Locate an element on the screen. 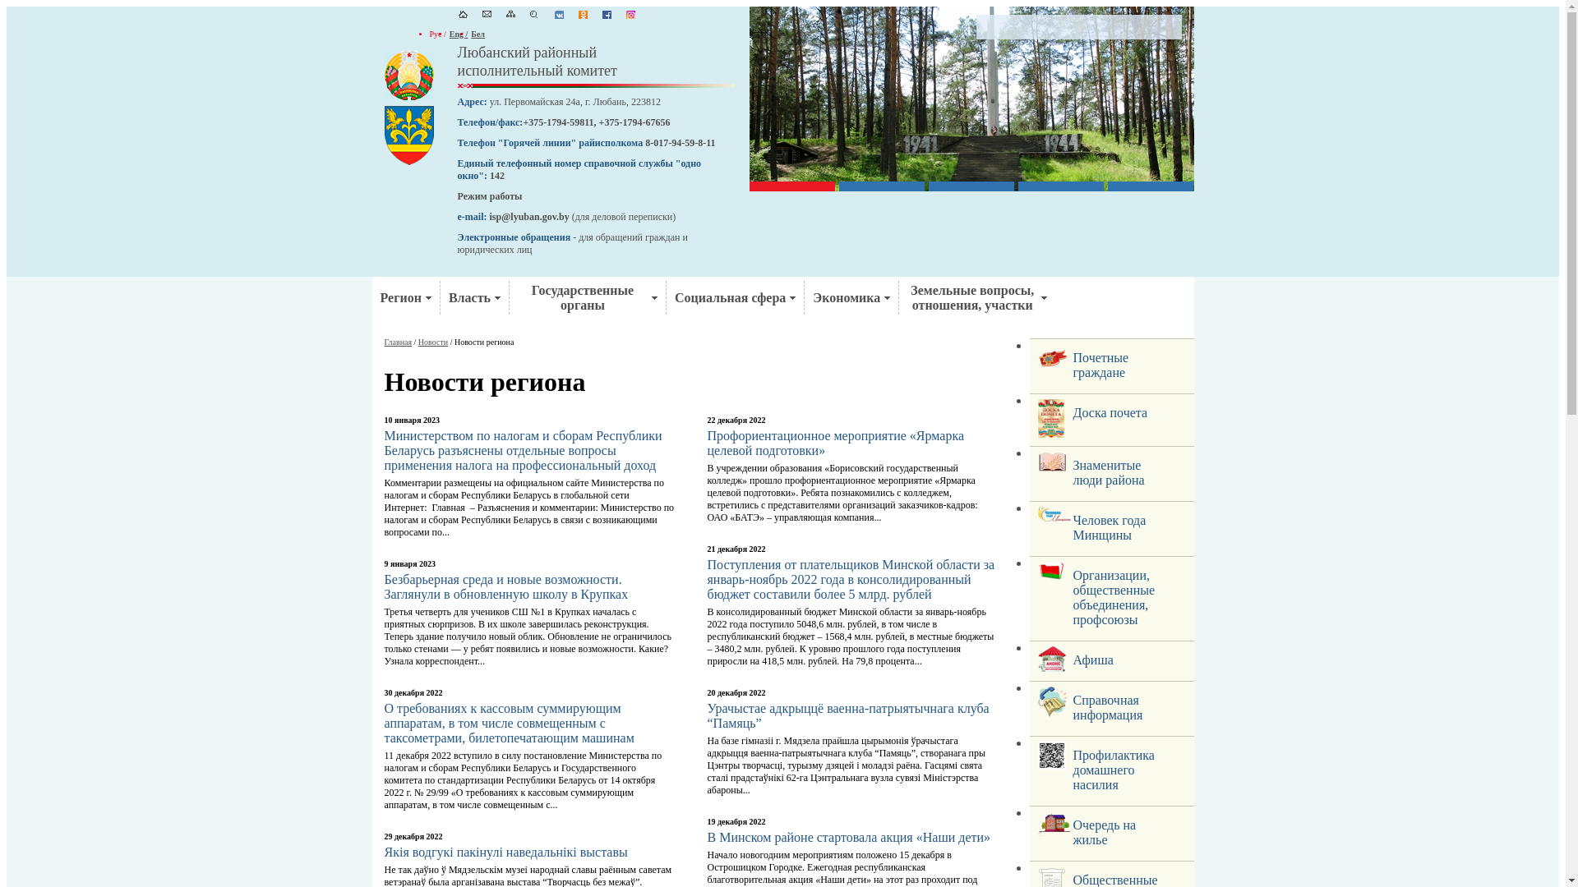 Image resolution: width=1578 pixels, height=887 pixels. 'facebook' is located at coordinates (602, 16).